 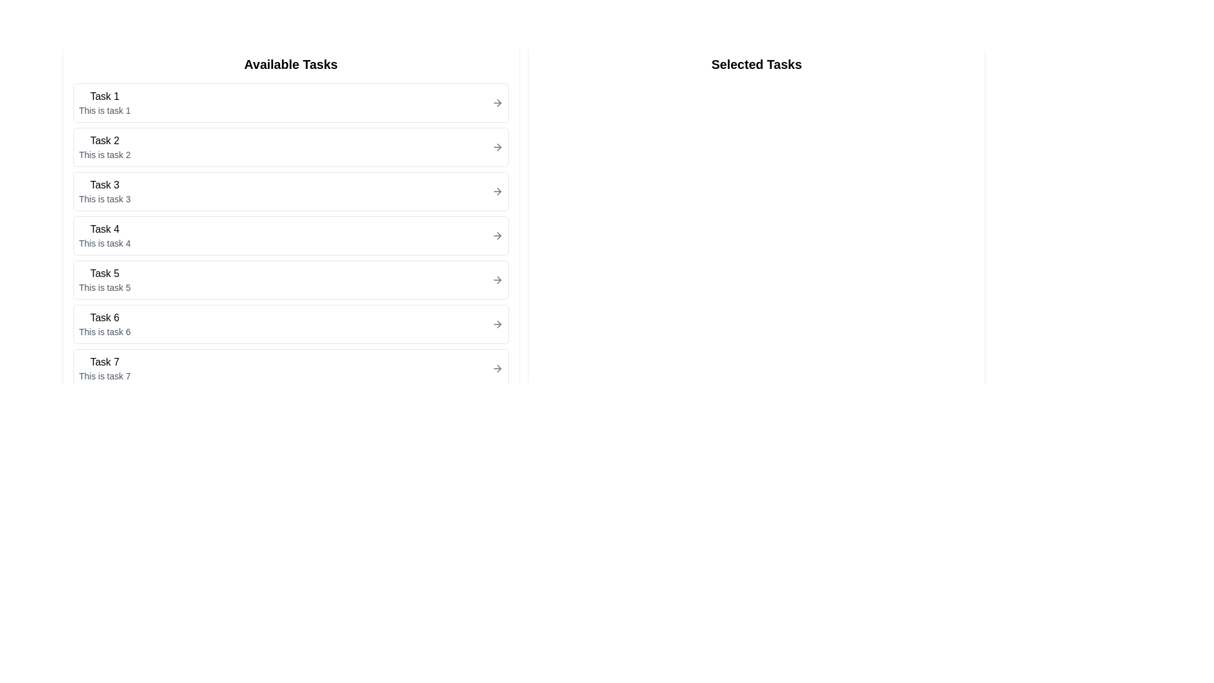 What do you see at coordinates (498, 102) in the screenshot?
I see `the rightward-facing arrow glyph within the 'Task 1' list item in the 'Available Tasks' section to indicate navigation to another interface` at bounding box center [498, 102].